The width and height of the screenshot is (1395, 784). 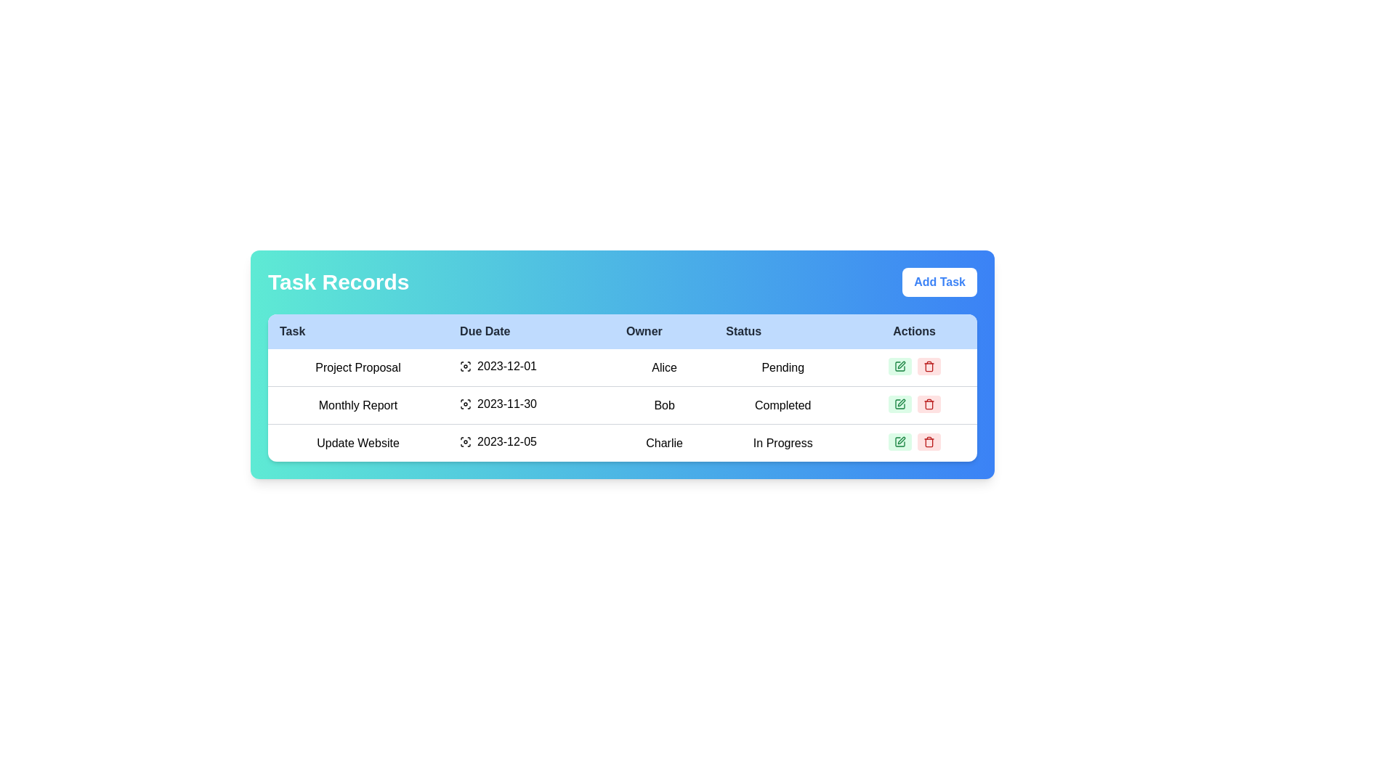 I want to click on the red button with a trash bin icon located at the right end of the 'Actions' column in the topmost row of the table, so click(x=928, y=366).